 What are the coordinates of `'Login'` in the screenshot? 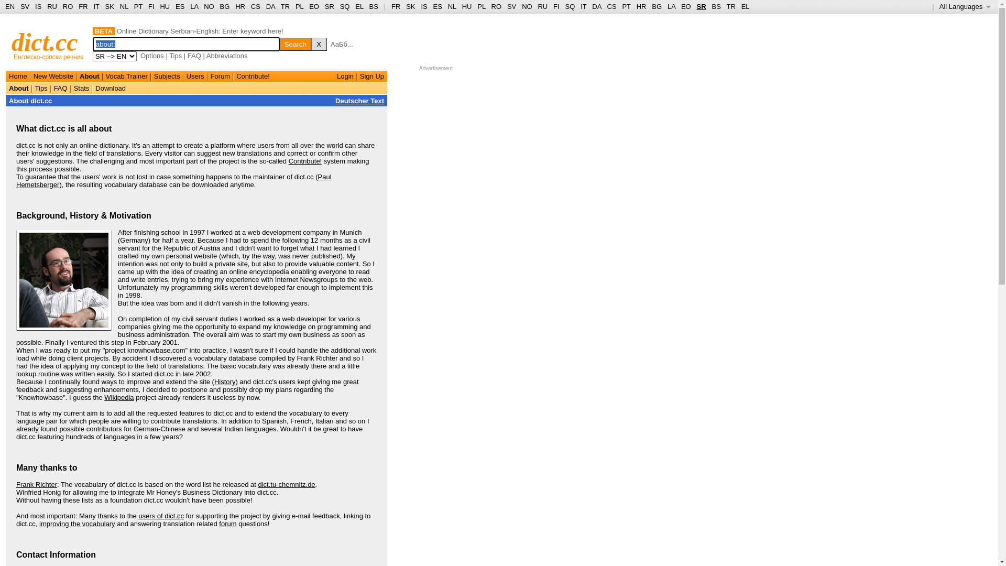 It's located at (345, 75).